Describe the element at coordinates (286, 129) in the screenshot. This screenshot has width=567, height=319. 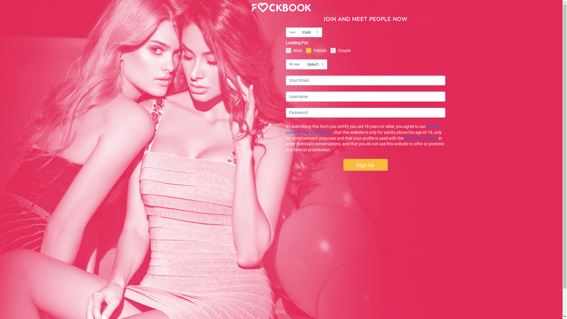
I see `'privacy policy'` at that location.